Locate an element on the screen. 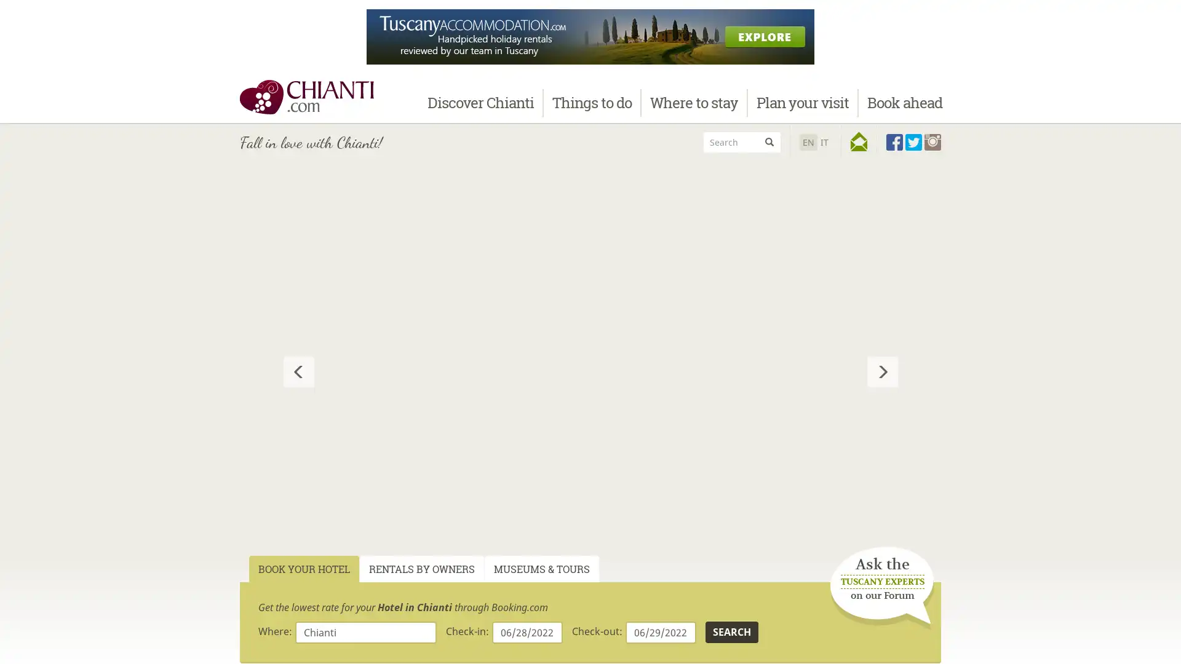 The height and width of the screenshot is (664, 1181). Discover Chianti is located at coordinates (480, 102).